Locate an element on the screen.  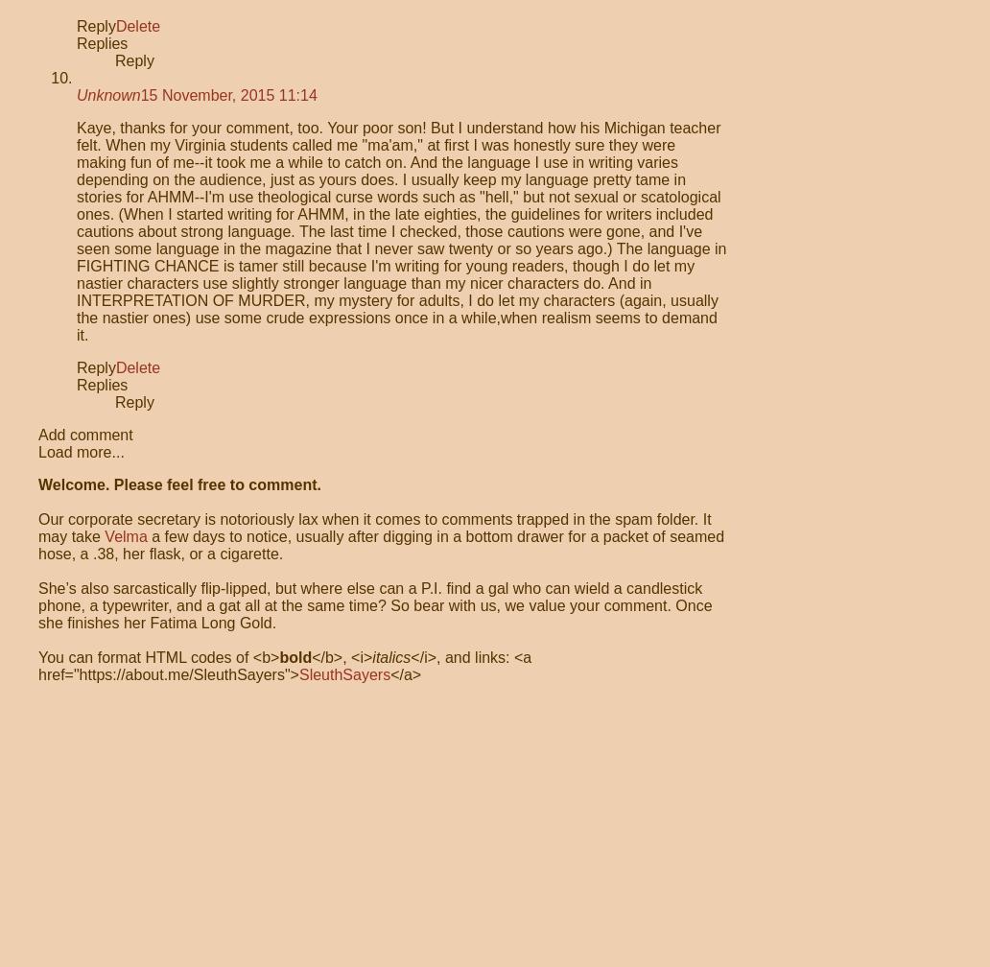
'You can format HTML codes of <b>' is located at coordinates (38, 657).